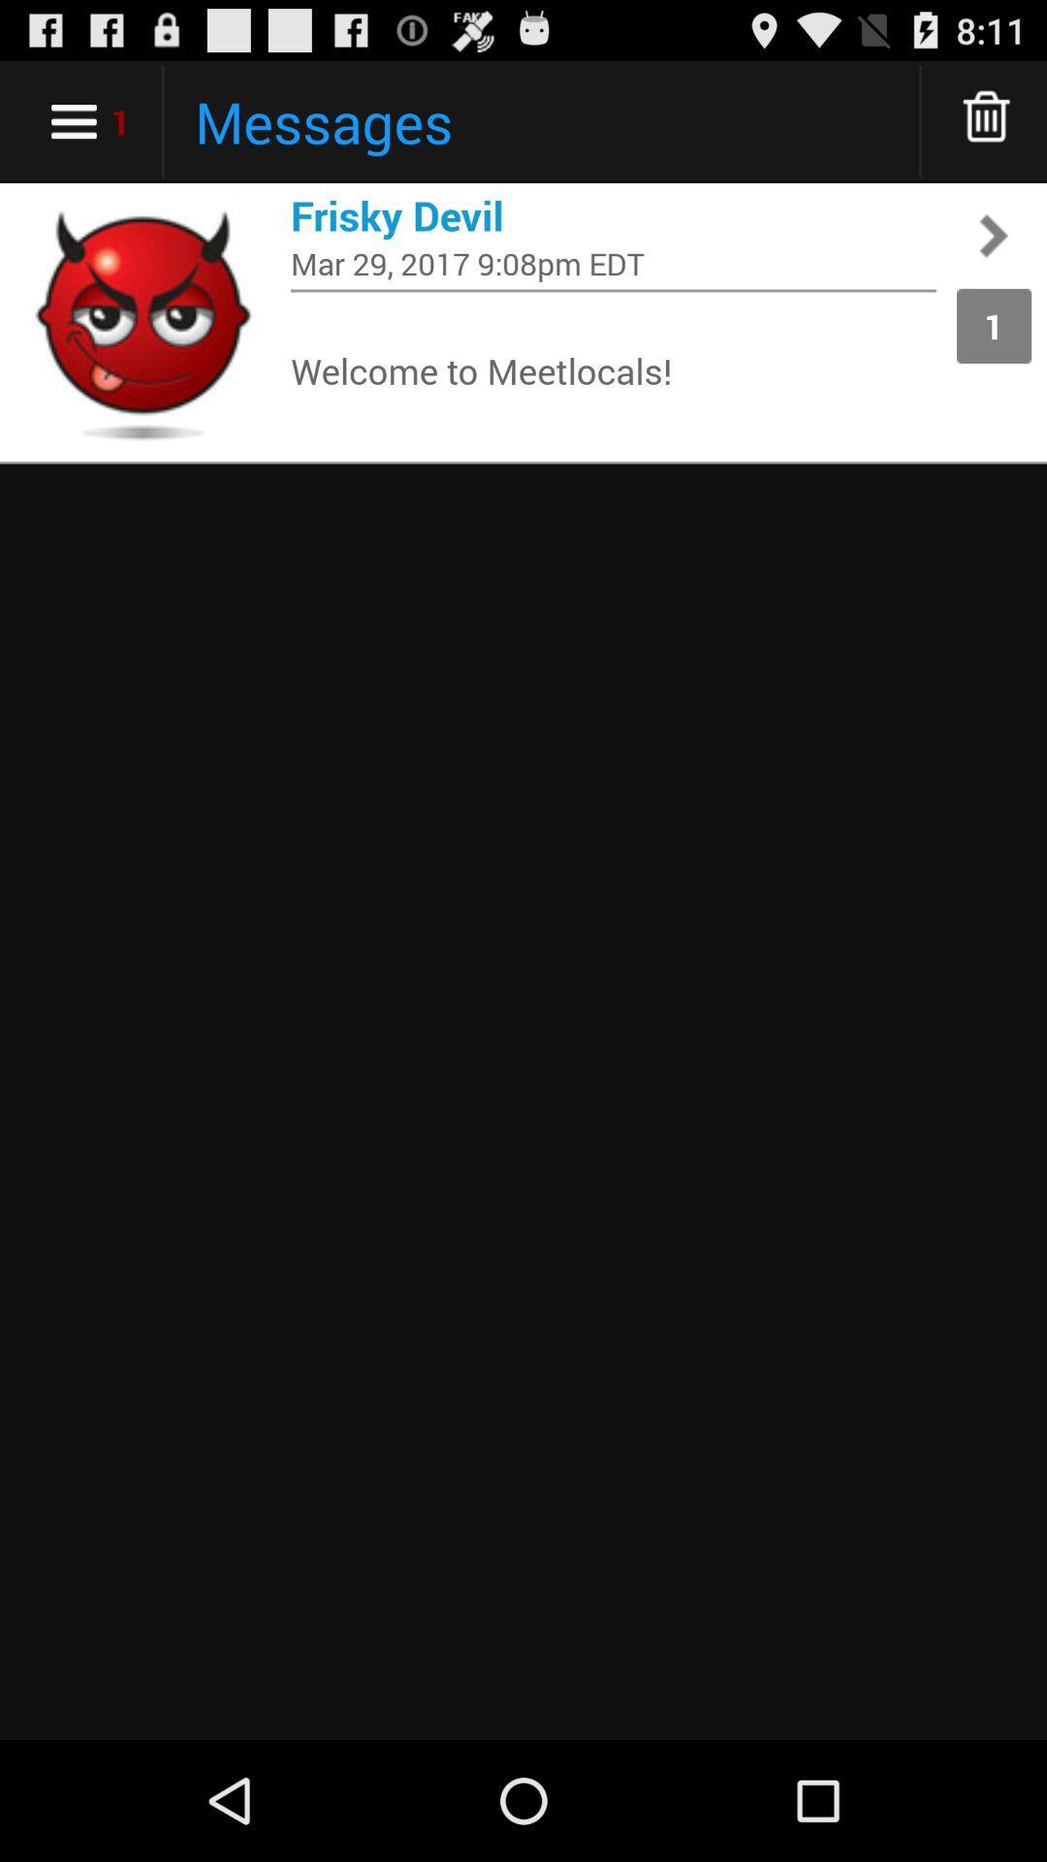  I want to click on item next to the 1 app, so click(613, 289).